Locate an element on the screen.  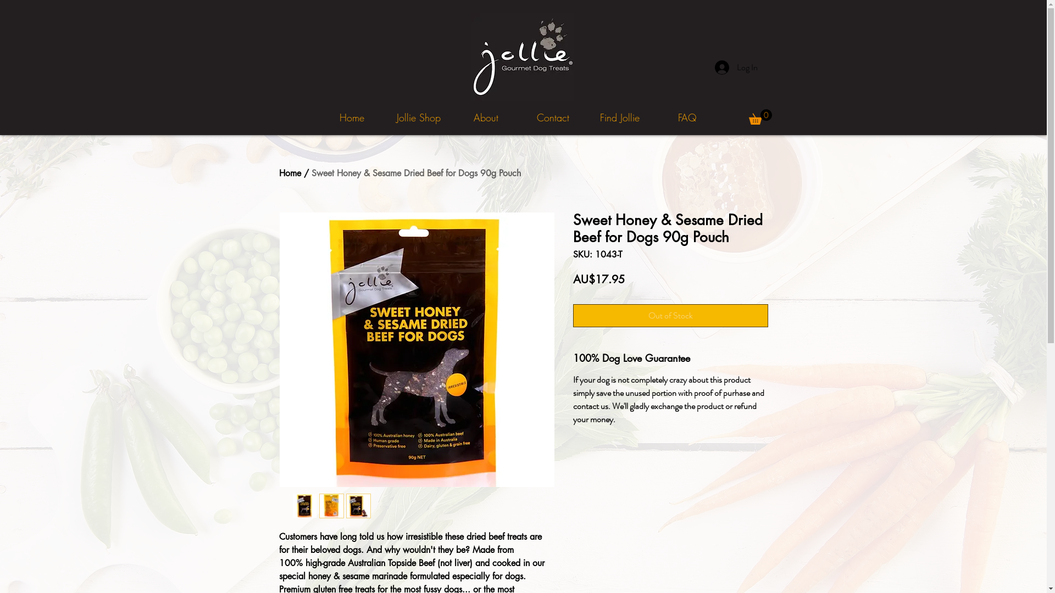
'Out of Stock' is located at coordinates (669, 315).